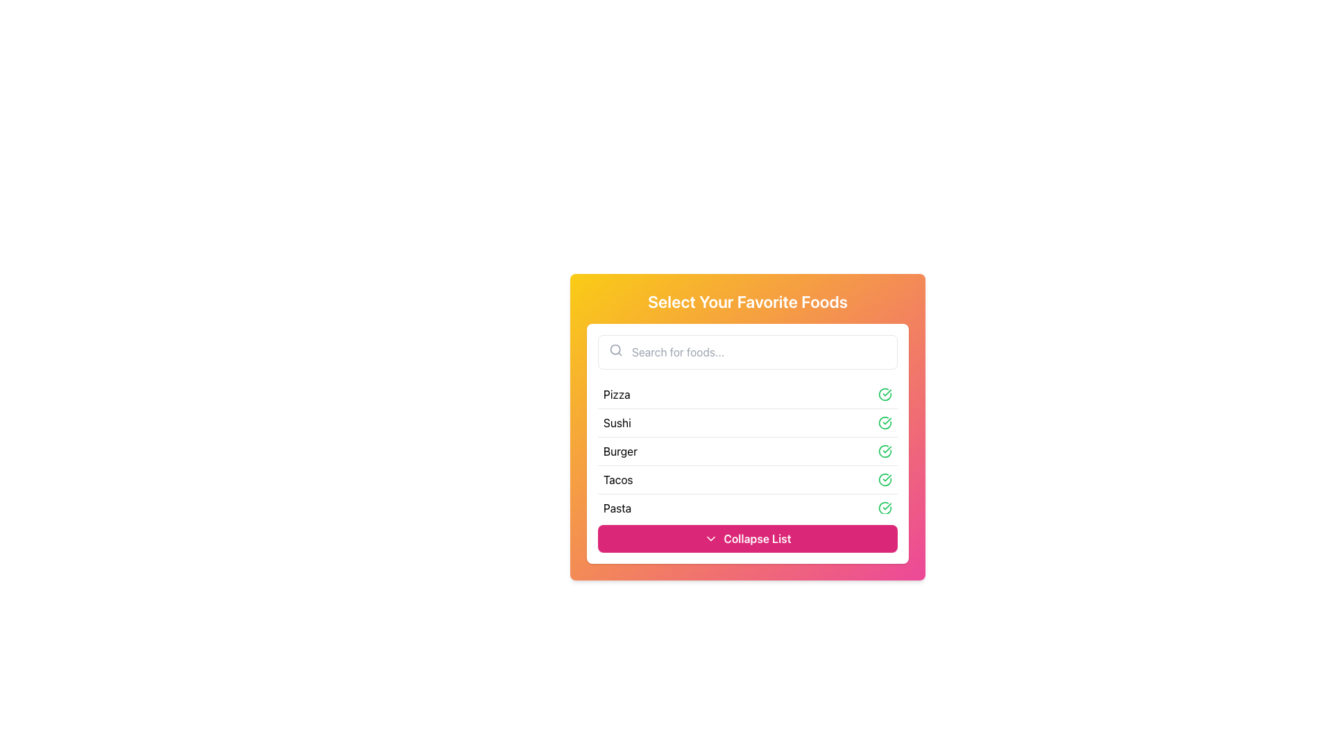 The width and height of the screenshot is (1332, 749). I want to click on the text label displaying 'Pizza', which is the fourth item in a vertically aligned list within a card-like interface, so click(616, 395).